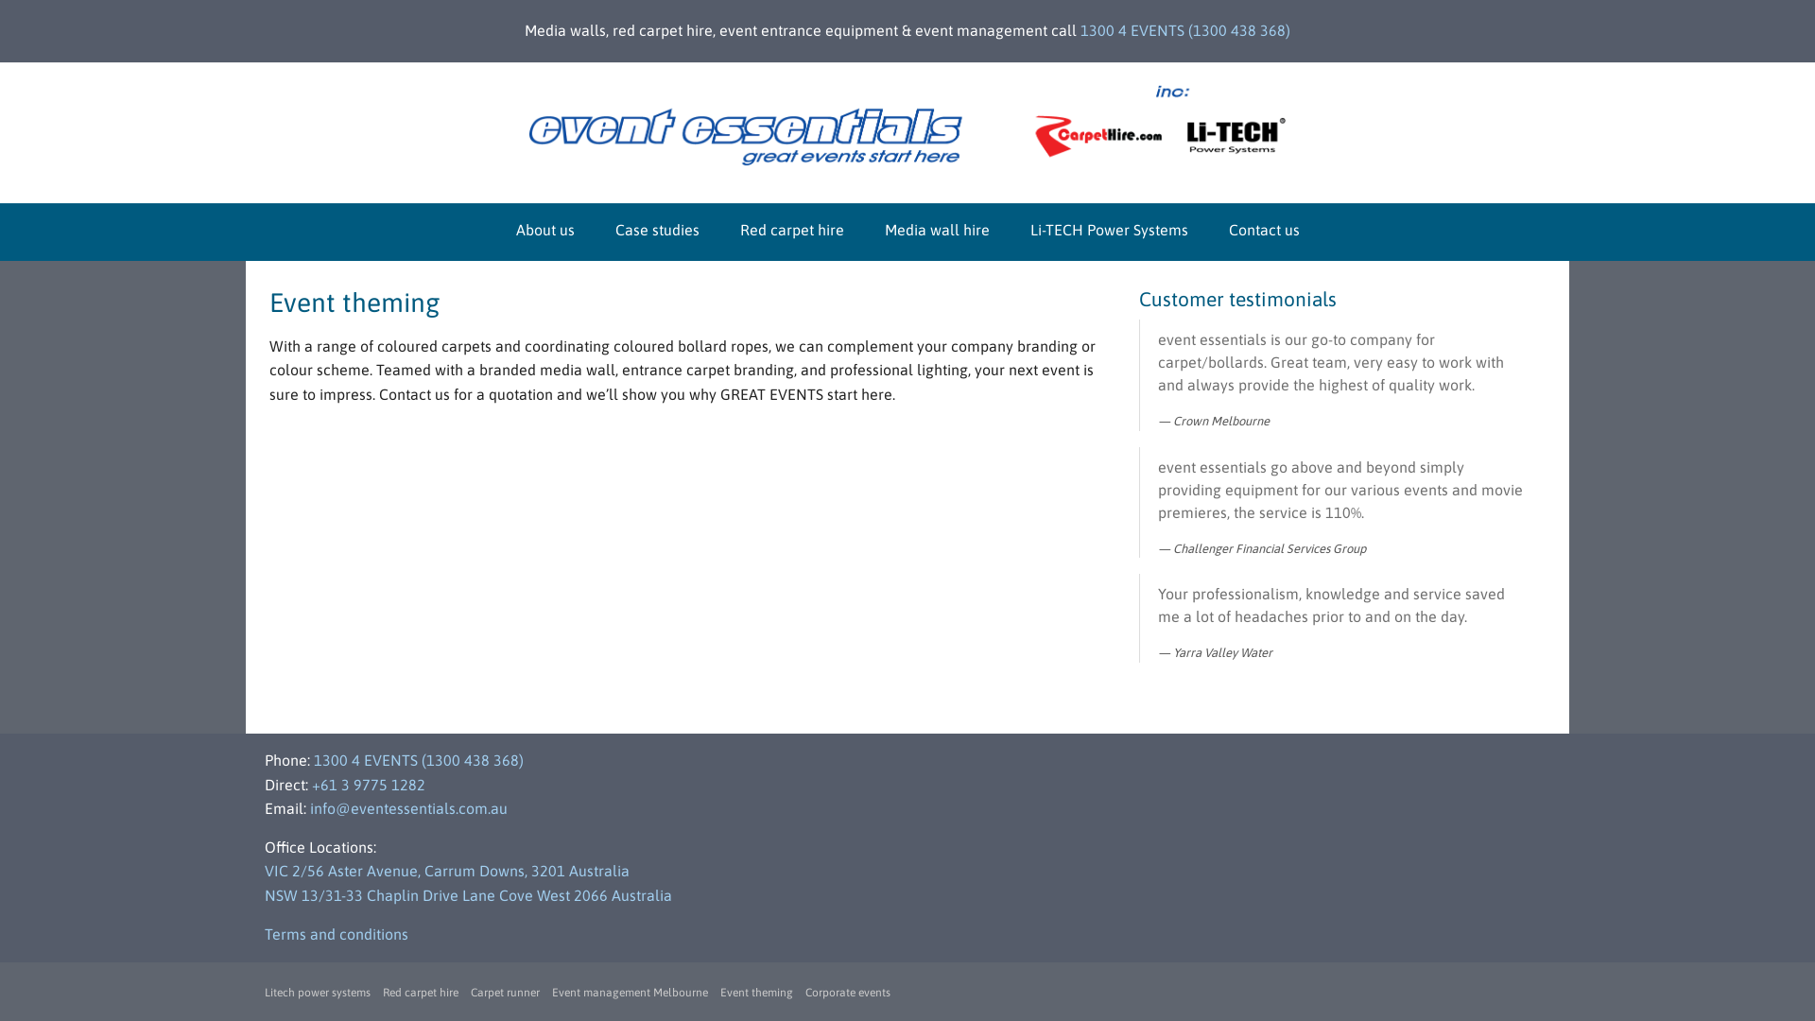  I want to click on '+61 3 9775 1282', so click(368, 784).